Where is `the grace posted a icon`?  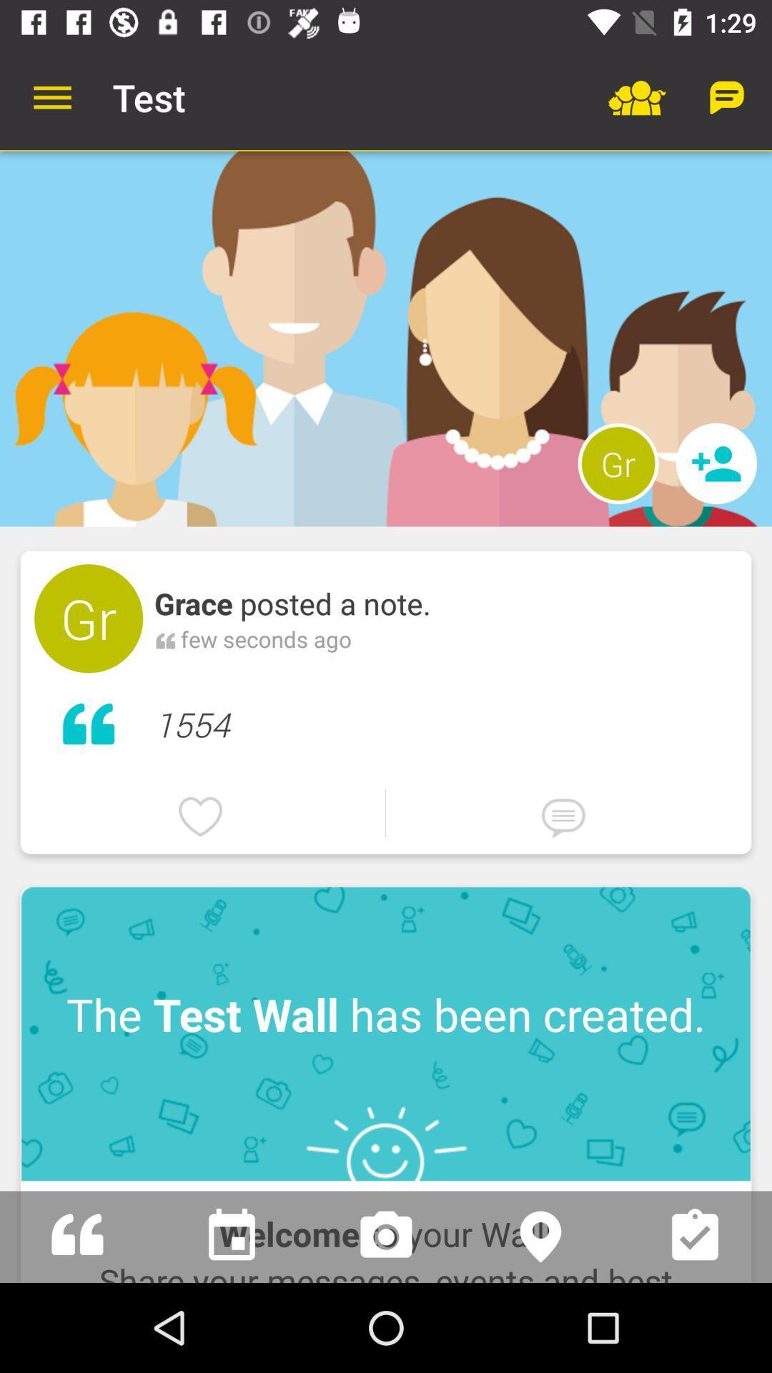
the grace posted a icon is located at coordinates (292, 603).